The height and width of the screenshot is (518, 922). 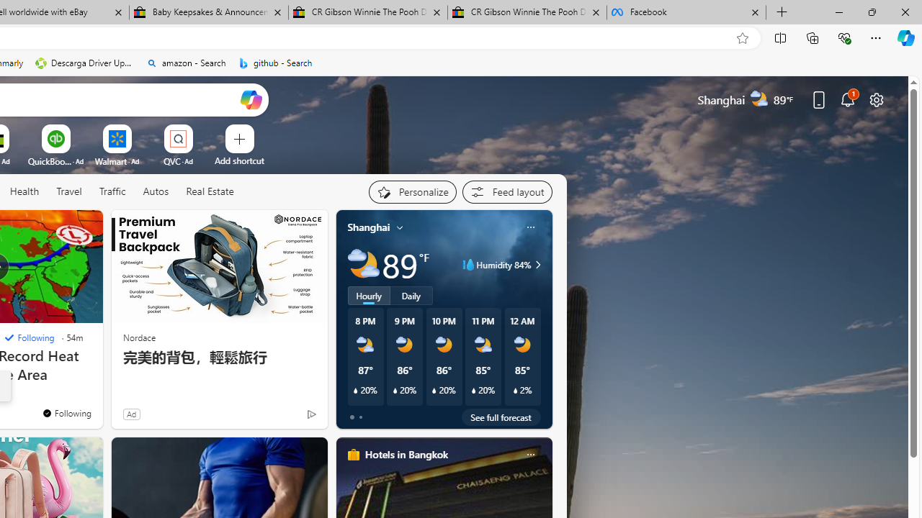 What do you see at coordinates (239, 160) in the screenshot?
I see `'Add a site'` at bounding box center [239, 160].